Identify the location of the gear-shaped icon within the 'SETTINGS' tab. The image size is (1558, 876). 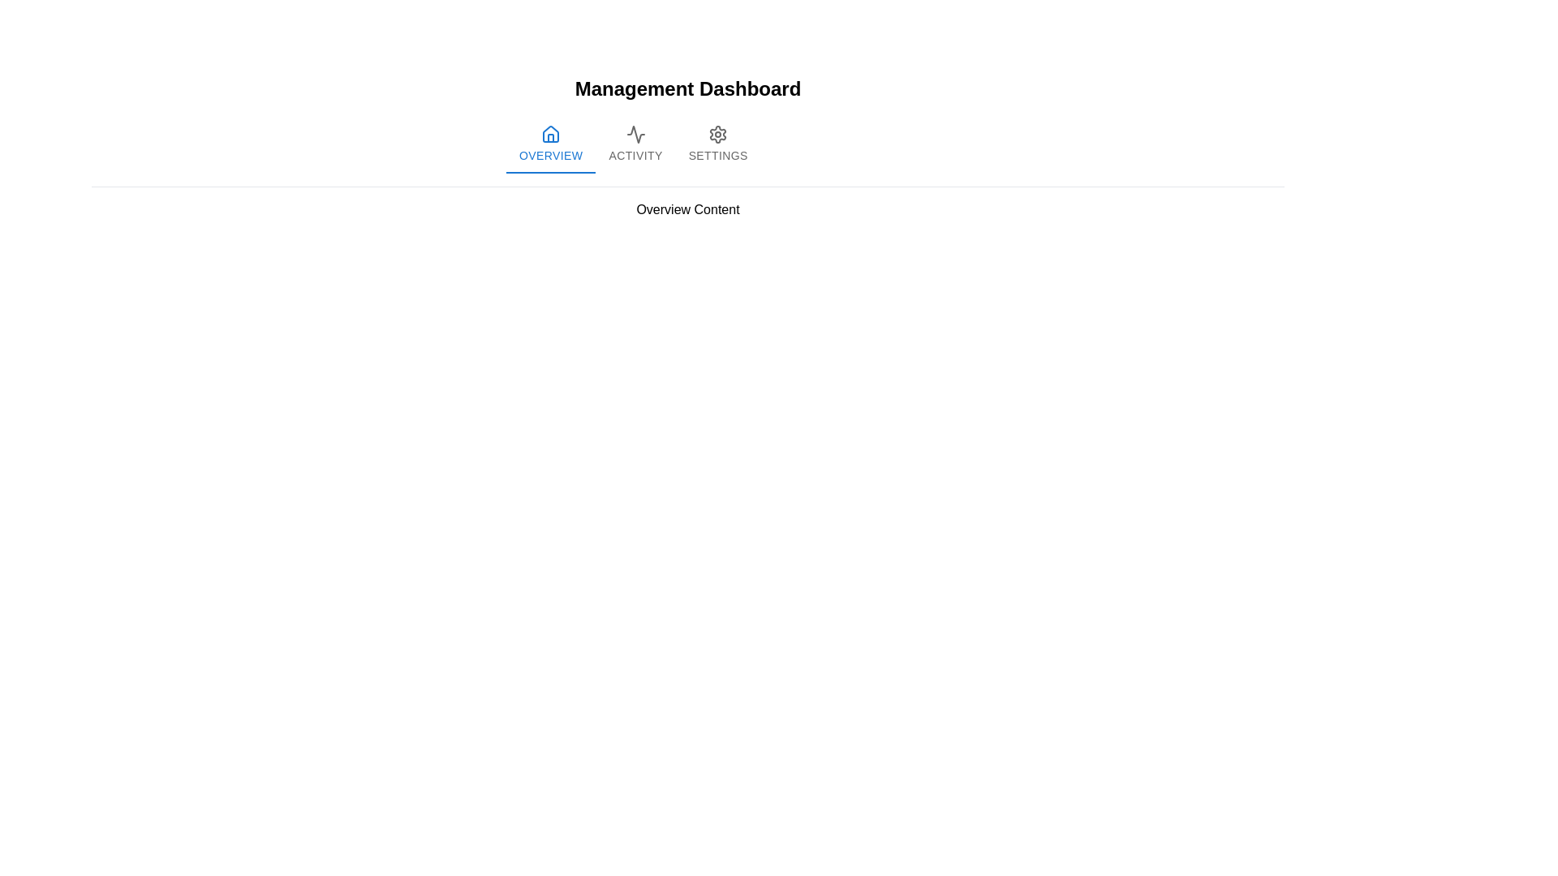
(717, 134).